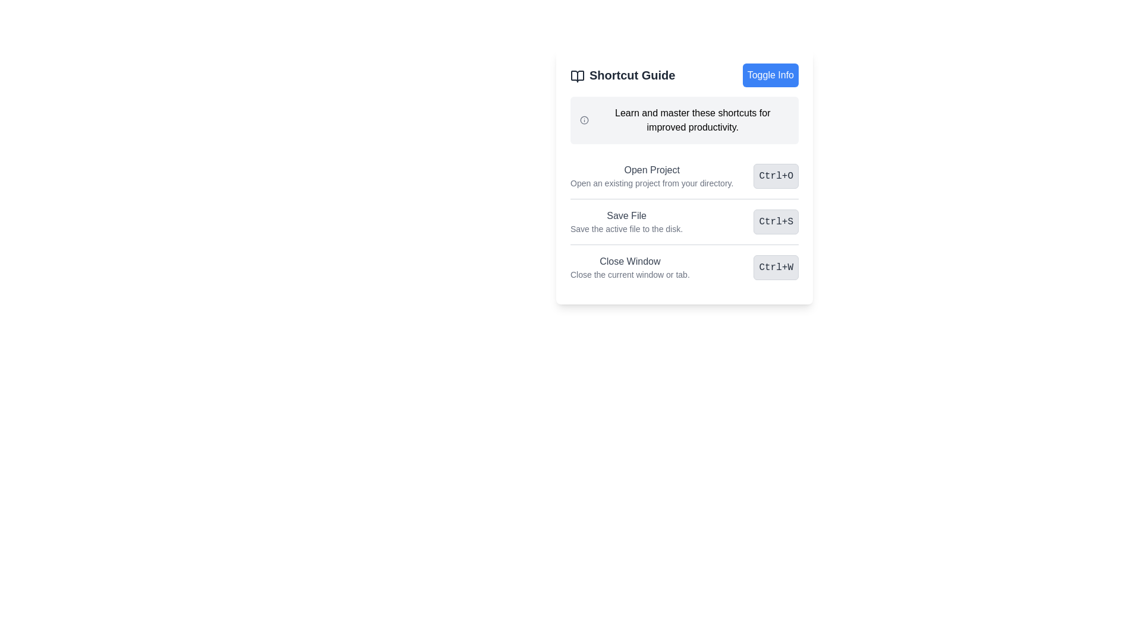 The image size is (1141, 641). I want to click on displayed shortcut information from the Text Label with Keybinding Indicator indicating 'Ctrl+O' which is positioned beneath the productivity tips and above the 'Save File' option, so click(685, 176).